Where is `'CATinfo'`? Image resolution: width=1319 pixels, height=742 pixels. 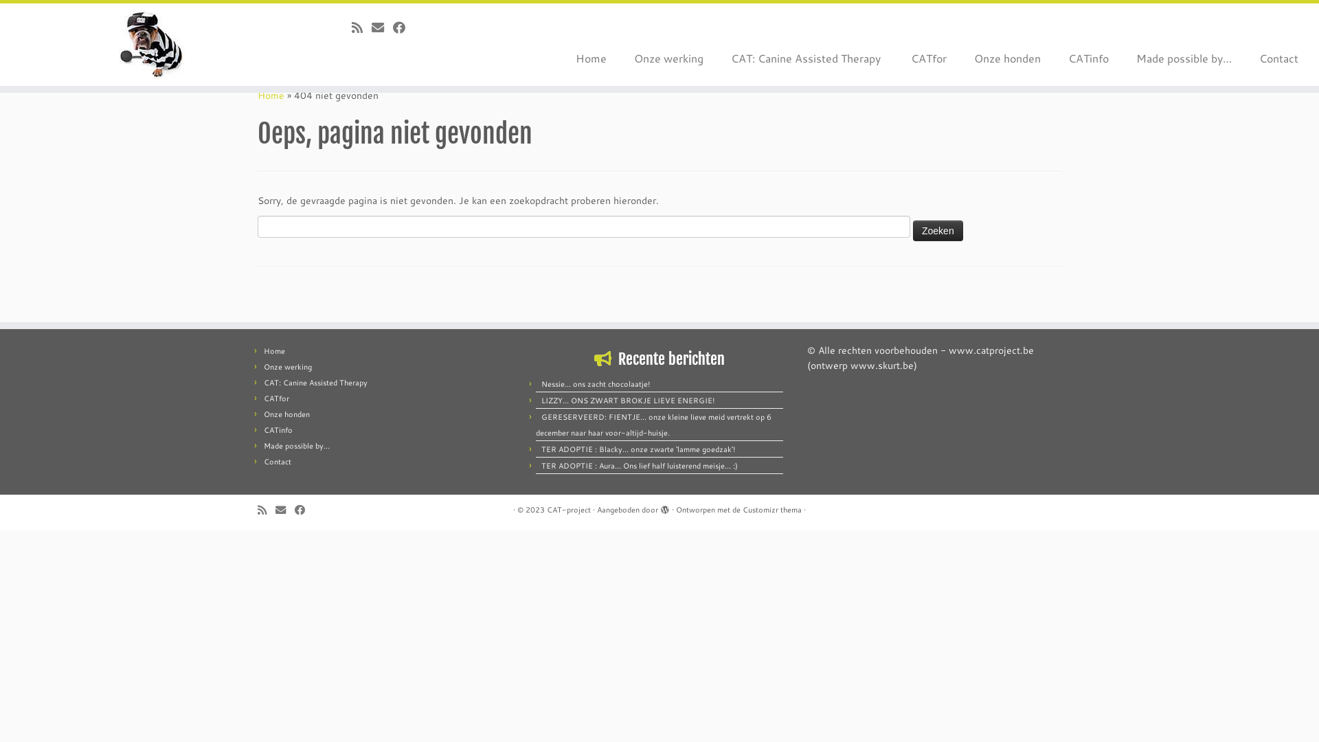
'CATinfo' is located at coordinates (277, 429).